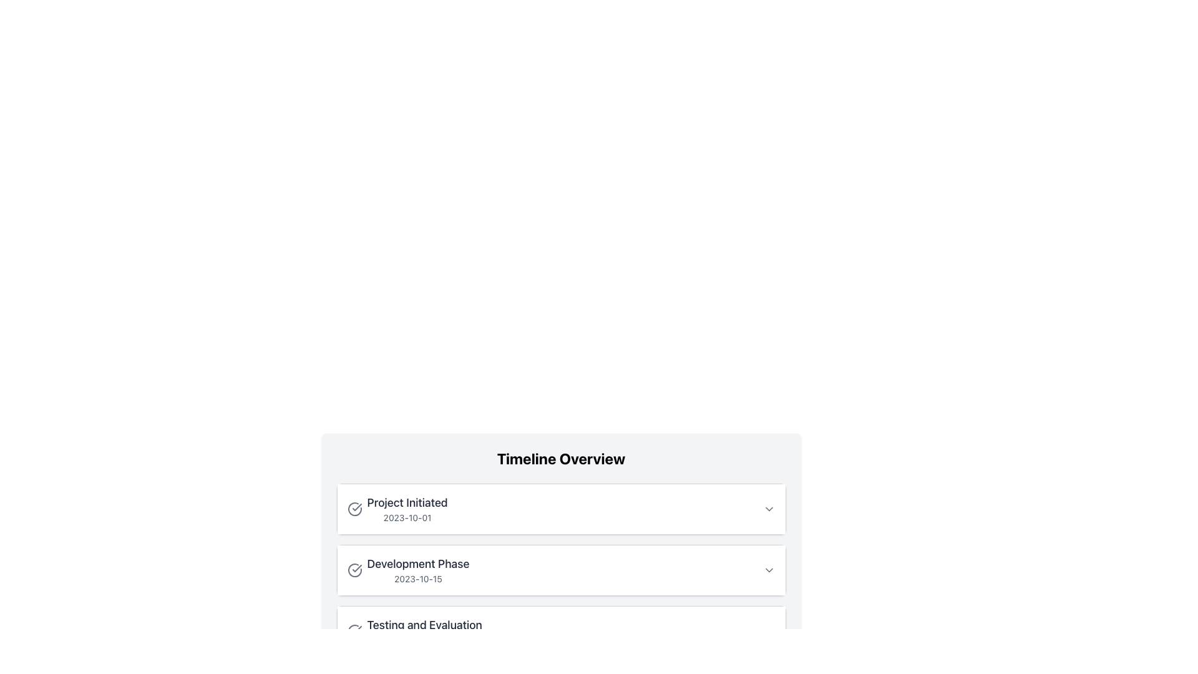  Describe the element at coordinates (418, 579) in the screenshot. I see `the text label displaying '2023-10-15' located below the heading 'Development Phase' in the bottom-right section of the block` at that location.